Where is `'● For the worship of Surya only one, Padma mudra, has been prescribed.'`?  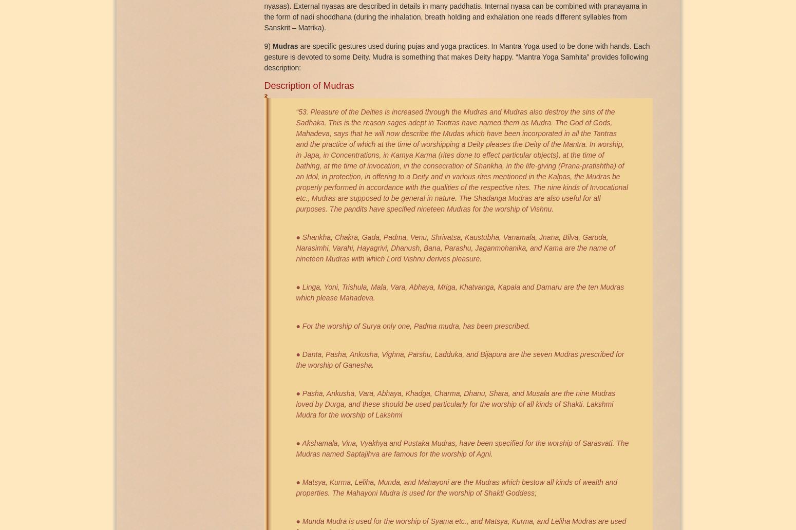 '● For the worship of Surya only one, Padma mudra, has been prescribed.' is located at coordinates (412, 325).